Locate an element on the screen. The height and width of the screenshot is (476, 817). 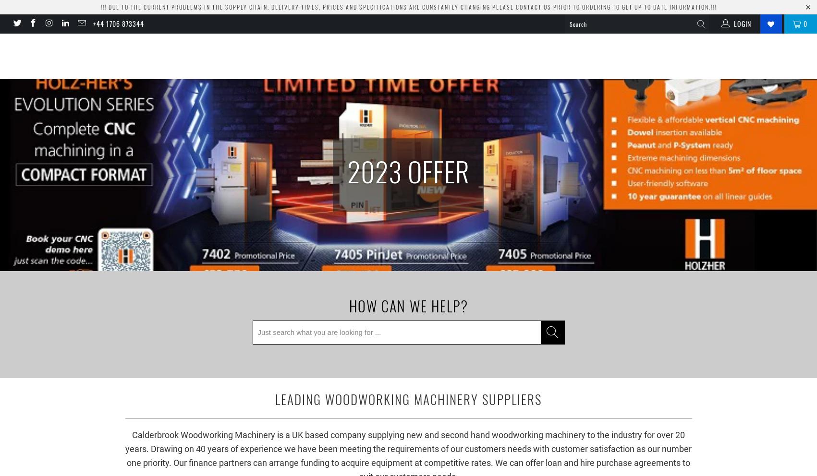
'About' is located at coordinates (745, 55).